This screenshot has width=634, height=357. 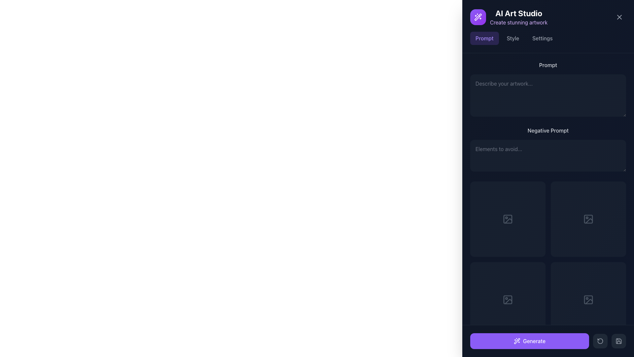 I want to click on the non-interactive SVG rectangle element, which is a square-shaped UI component with rounded corners, part of an icon resembling an image, located in the bottom-right area of the interface, so click(x=507, y=299).